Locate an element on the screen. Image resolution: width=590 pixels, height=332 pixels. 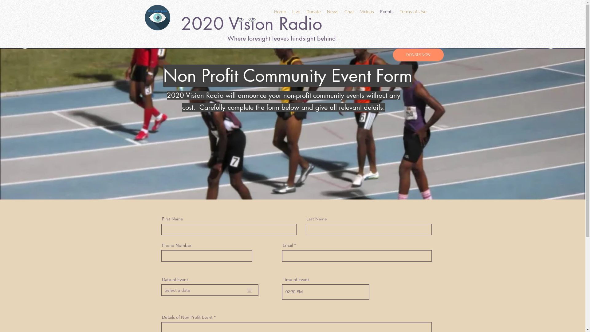
'News' is located at coordinates (332, 12).